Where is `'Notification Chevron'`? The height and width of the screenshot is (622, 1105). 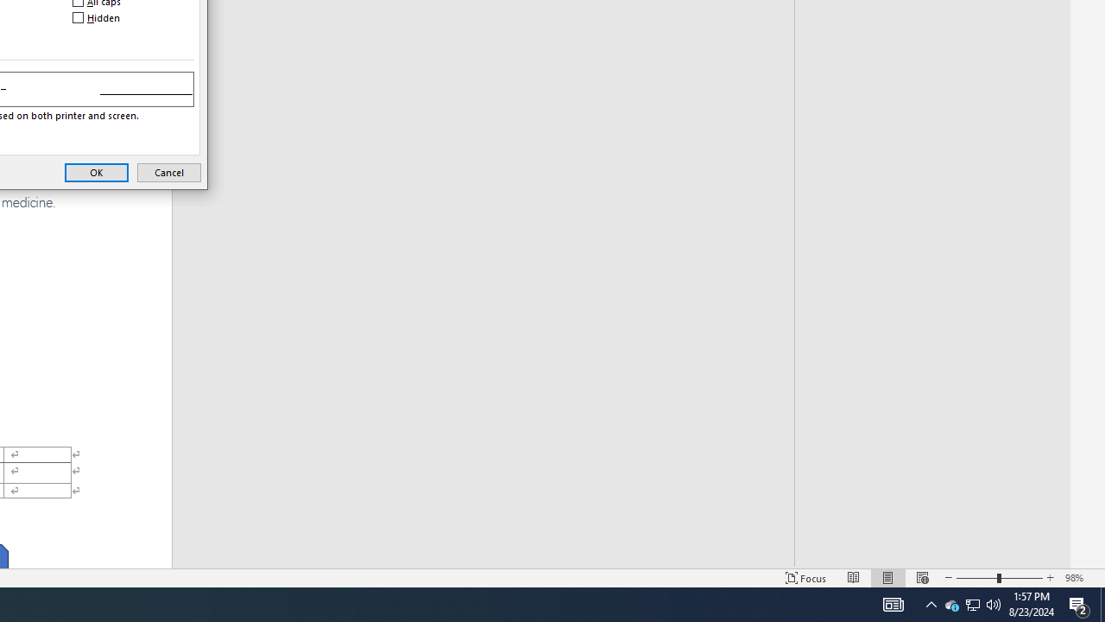
'Notification Chevron' is located at coordinates (973, 603).